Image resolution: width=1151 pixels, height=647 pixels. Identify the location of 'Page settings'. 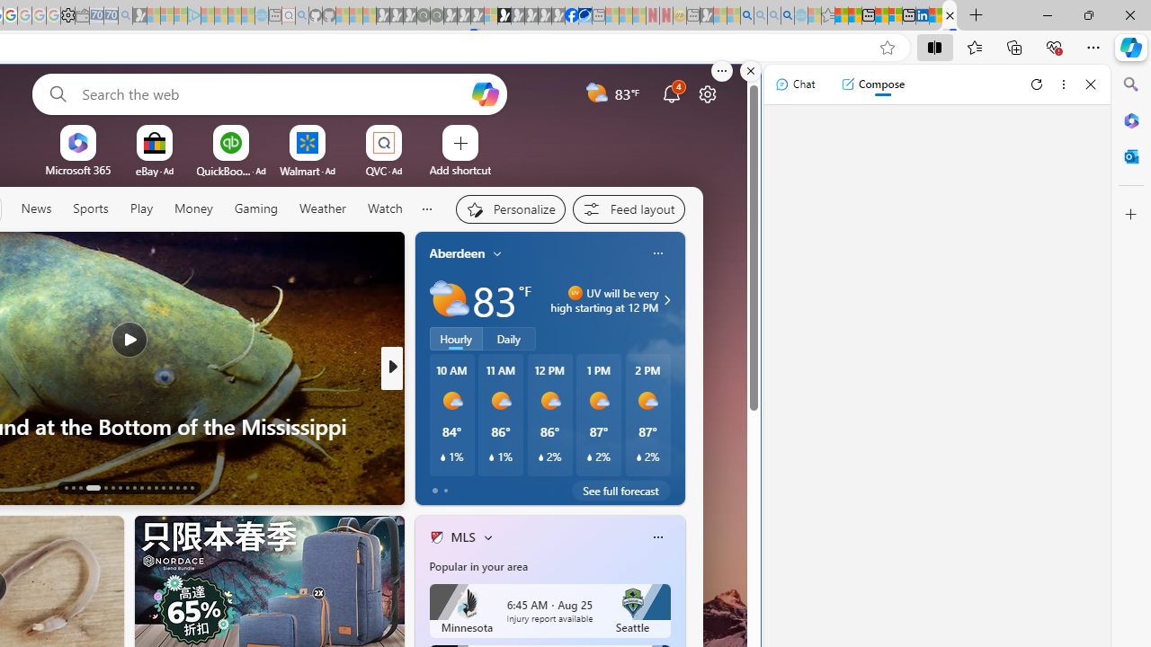
(706, 94).